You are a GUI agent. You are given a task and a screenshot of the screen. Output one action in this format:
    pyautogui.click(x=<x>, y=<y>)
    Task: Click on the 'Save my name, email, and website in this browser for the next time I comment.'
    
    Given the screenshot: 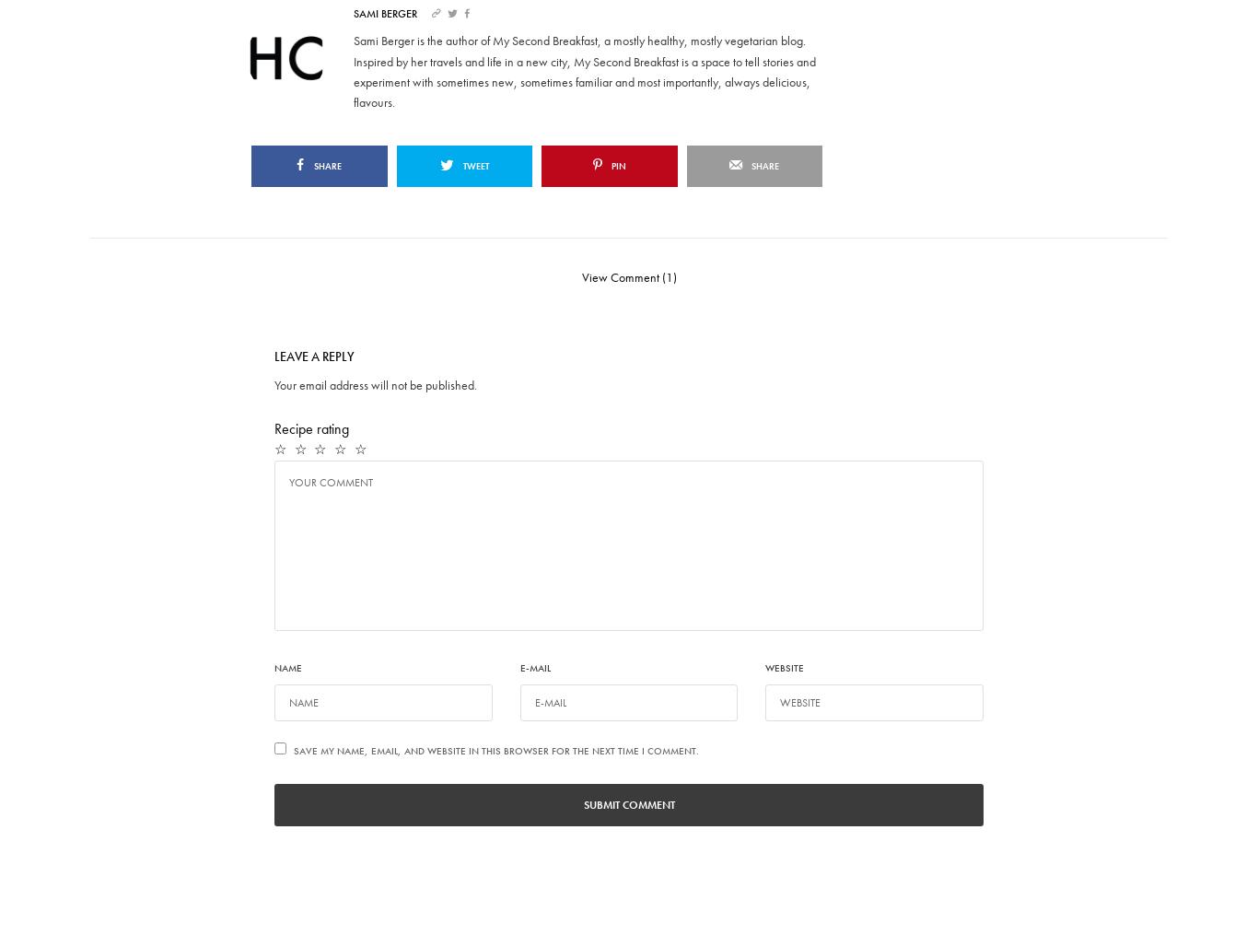 What is the action you would take?
    pyautogui.click(x=496, y=751)
    